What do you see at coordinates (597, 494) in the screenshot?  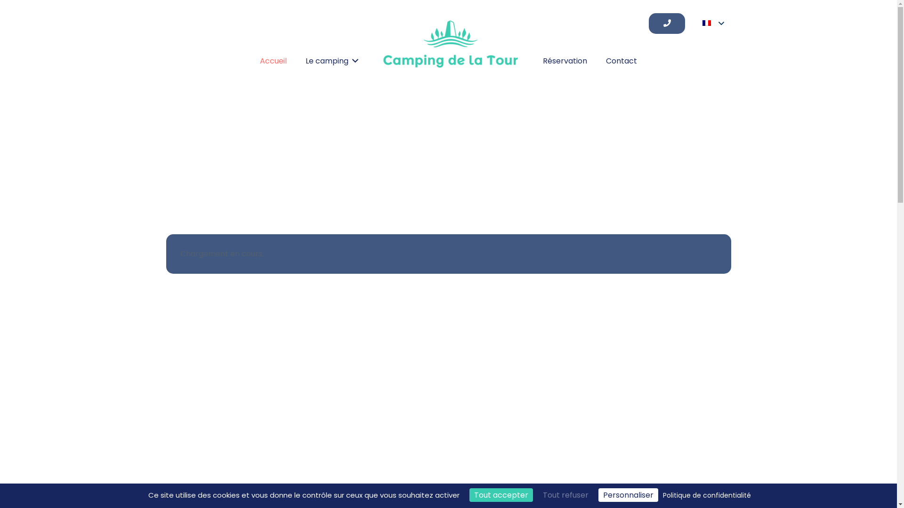 I see `'Personnaliser'` at bounding box center [597, 494].